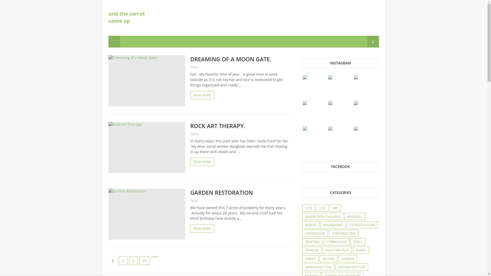 The height and width of the screenshot is (276, 491). Describe the element at coordinates (127, 17) in the screenshot. I see `'and the carrot came up'` at that location.